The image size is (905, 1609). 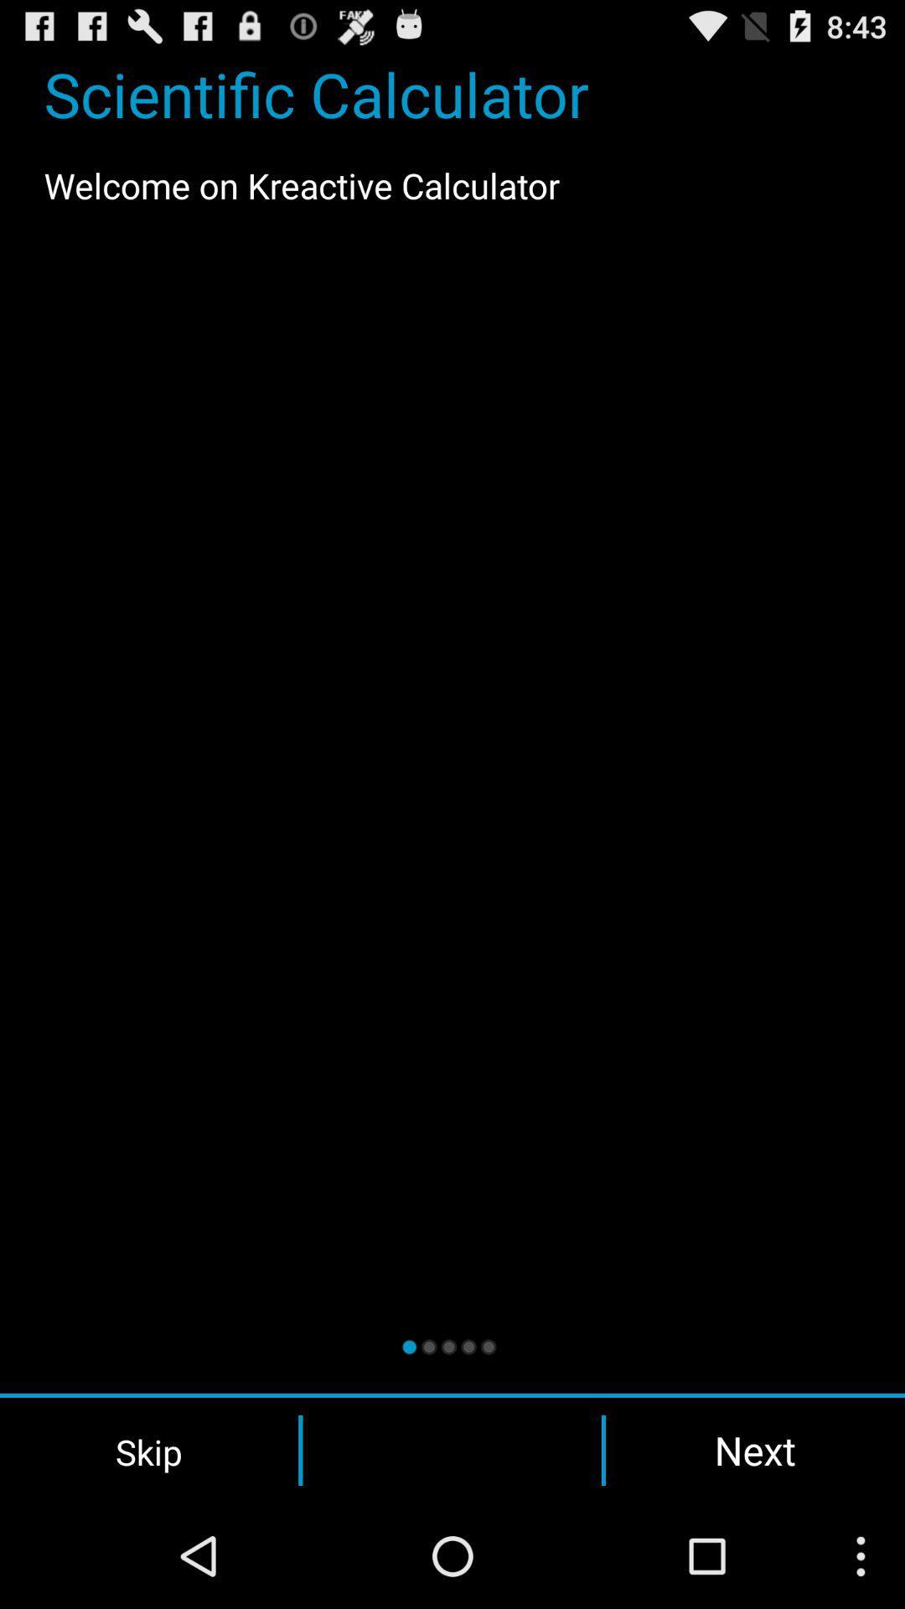 I want to click on skip icon, so click(x=148, y=1450).